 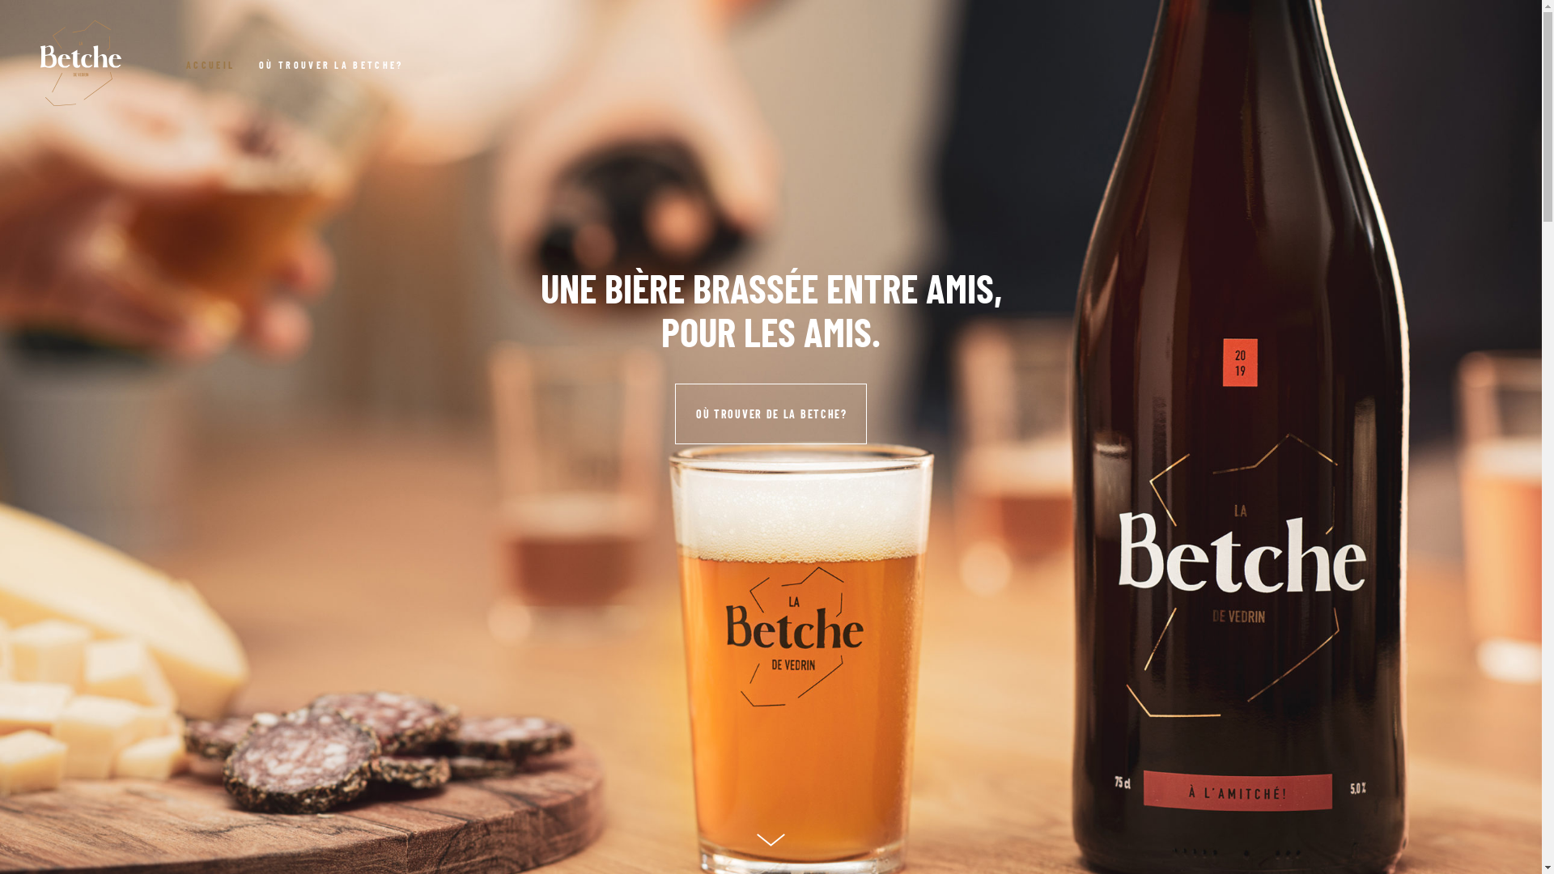 I want to click on 'ACCUEIL', so click(x=186, y=62).